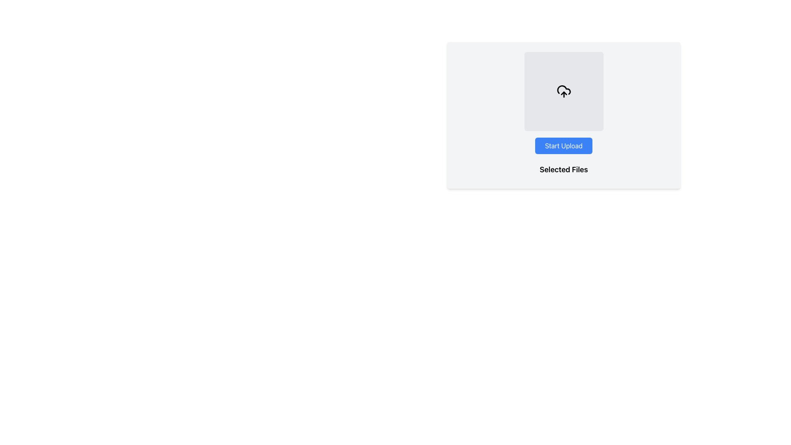  Describe the element at coordinates (563, 91) in the screenshot. I see `files onto the file-selection input area, which features a cloud icon with an upward arrow centered on a light gray background, located above the blue 'Start Upload' button` at that location.